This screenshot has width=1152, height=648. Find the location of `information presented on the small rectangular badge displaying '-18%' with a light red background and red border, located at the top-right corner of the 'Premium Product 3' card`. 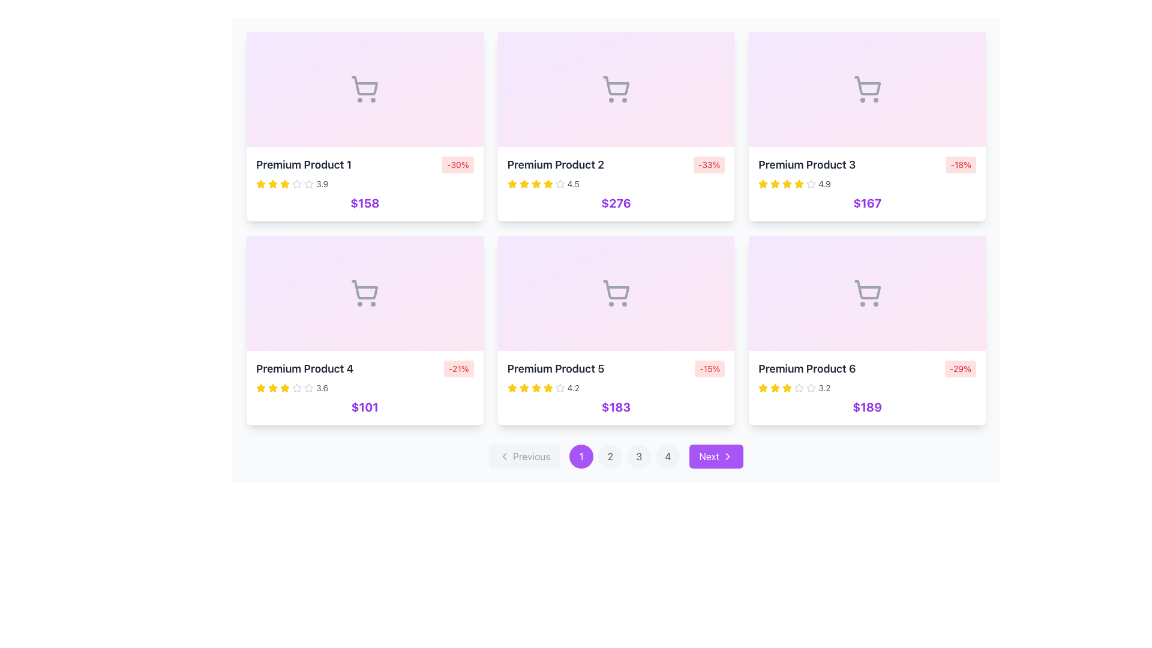

information presented on the small rectangular badge displaying '-18%' with a light red background and red border, located at the top-right corner of the 'Premium Product 3' card is located at coordinates (961, 164).